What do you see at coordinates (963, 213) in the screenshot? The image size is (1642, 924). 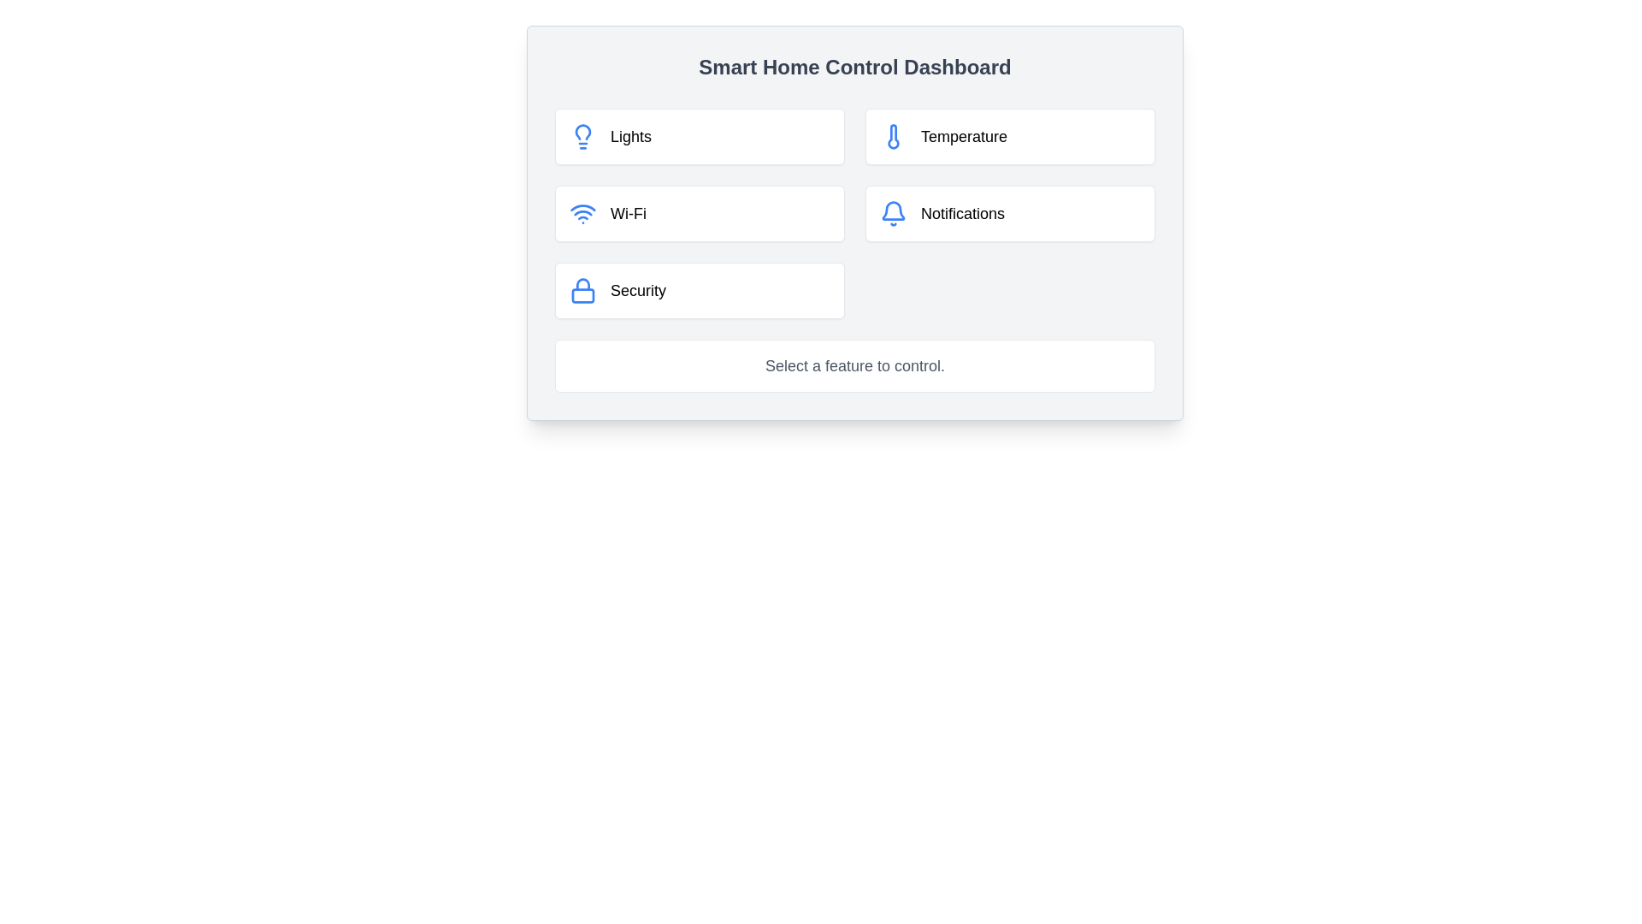 I see `the 'Notifications' text label, which is positioned in the right column of the interface, slightly below the 'Temperature' label and to the right of the bell icon` at bounding box center [963, 213].